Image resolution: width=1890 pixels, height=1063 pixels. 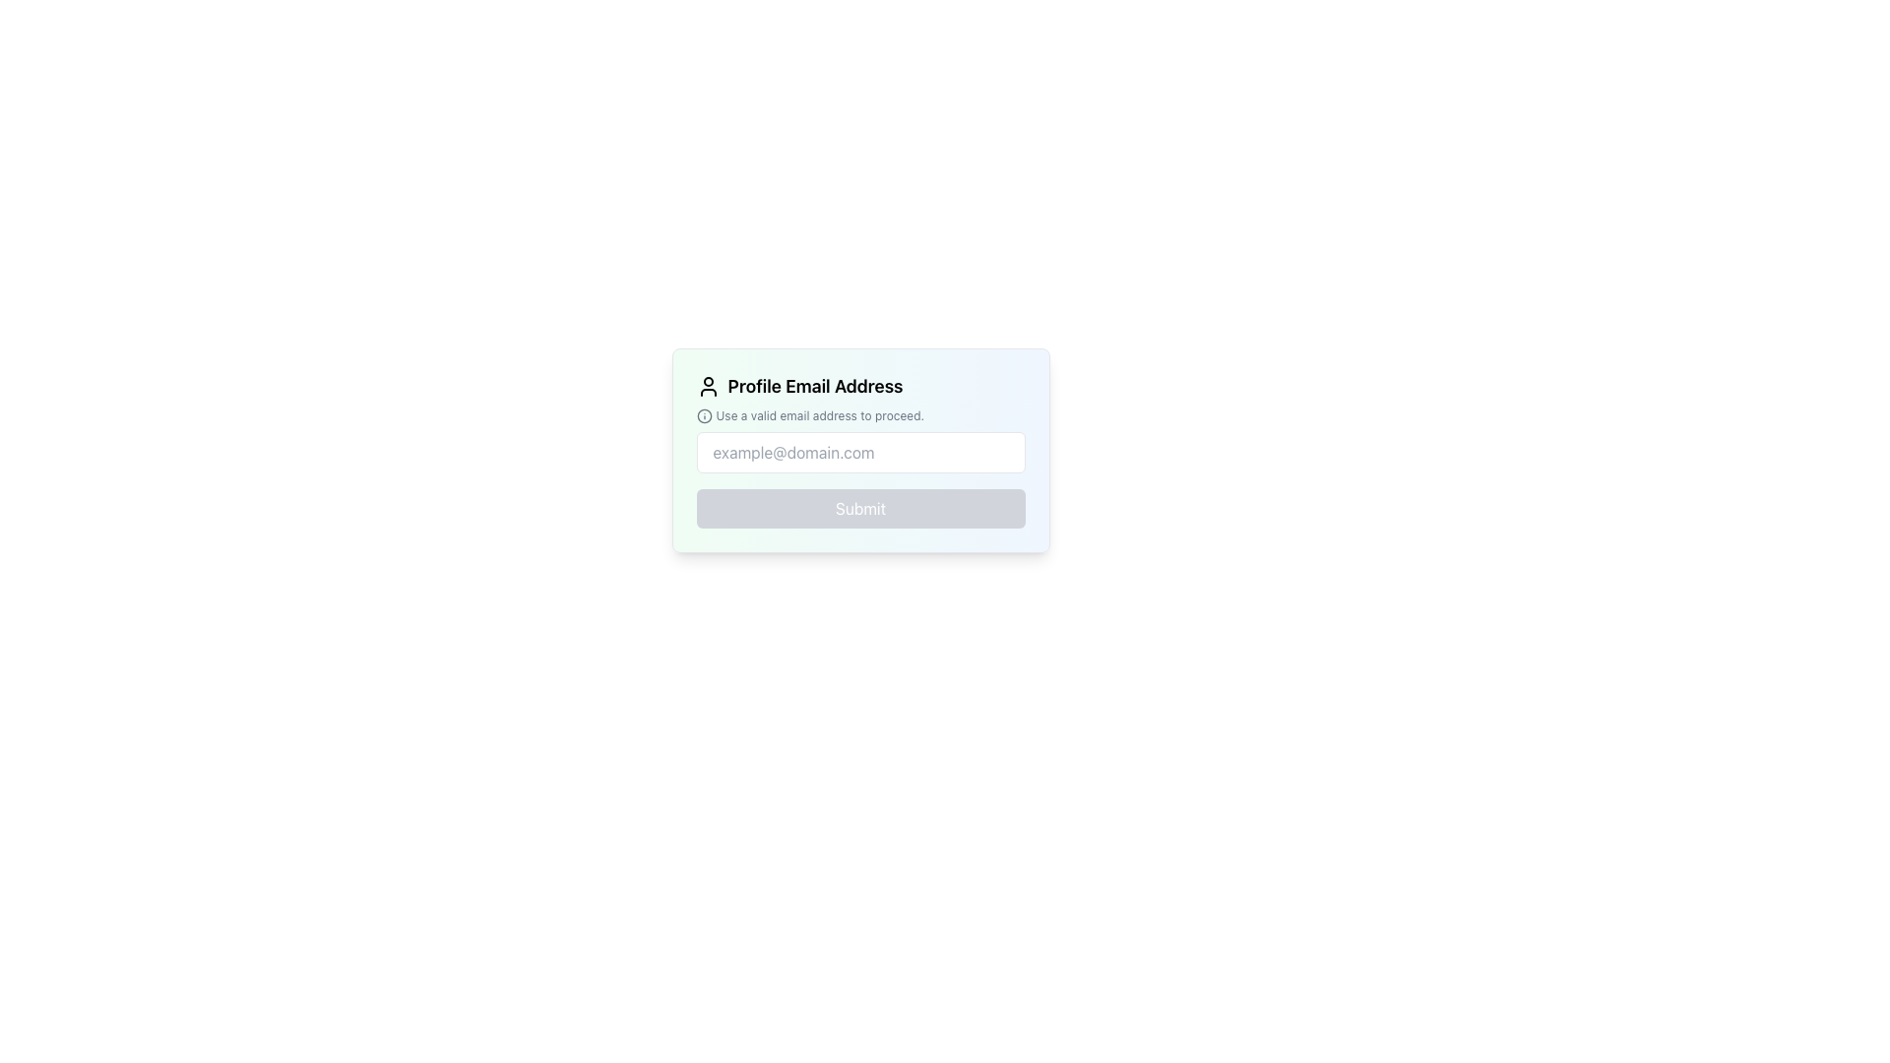 I want to click on the circular graphical icon element, which is part of an SVG graphic and positioned to the left of the text 'Profile Email Address', so click(x=704, y=415).